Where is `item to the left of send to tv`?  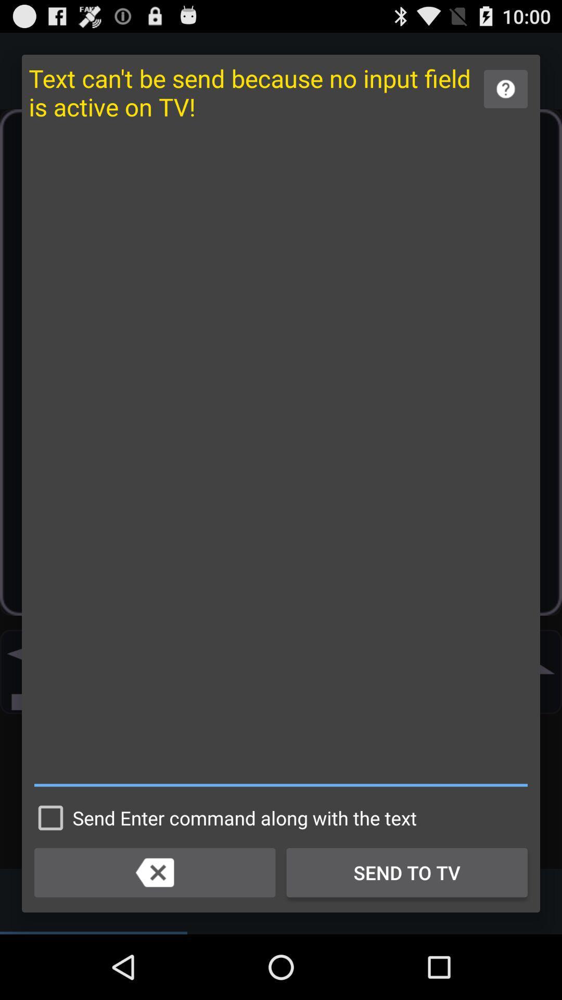 item to the left of send to tv is located at coordinates (155, 872).